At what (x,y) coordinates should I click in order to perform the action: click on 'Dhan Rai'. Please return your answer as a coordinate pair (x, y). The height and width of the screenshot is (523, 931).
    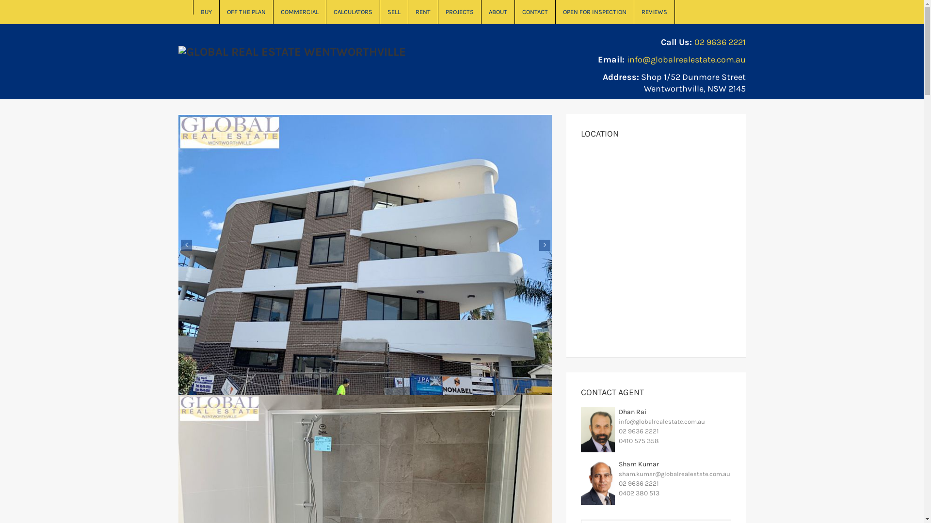
    Looking at the image, I should click on (618, 412).